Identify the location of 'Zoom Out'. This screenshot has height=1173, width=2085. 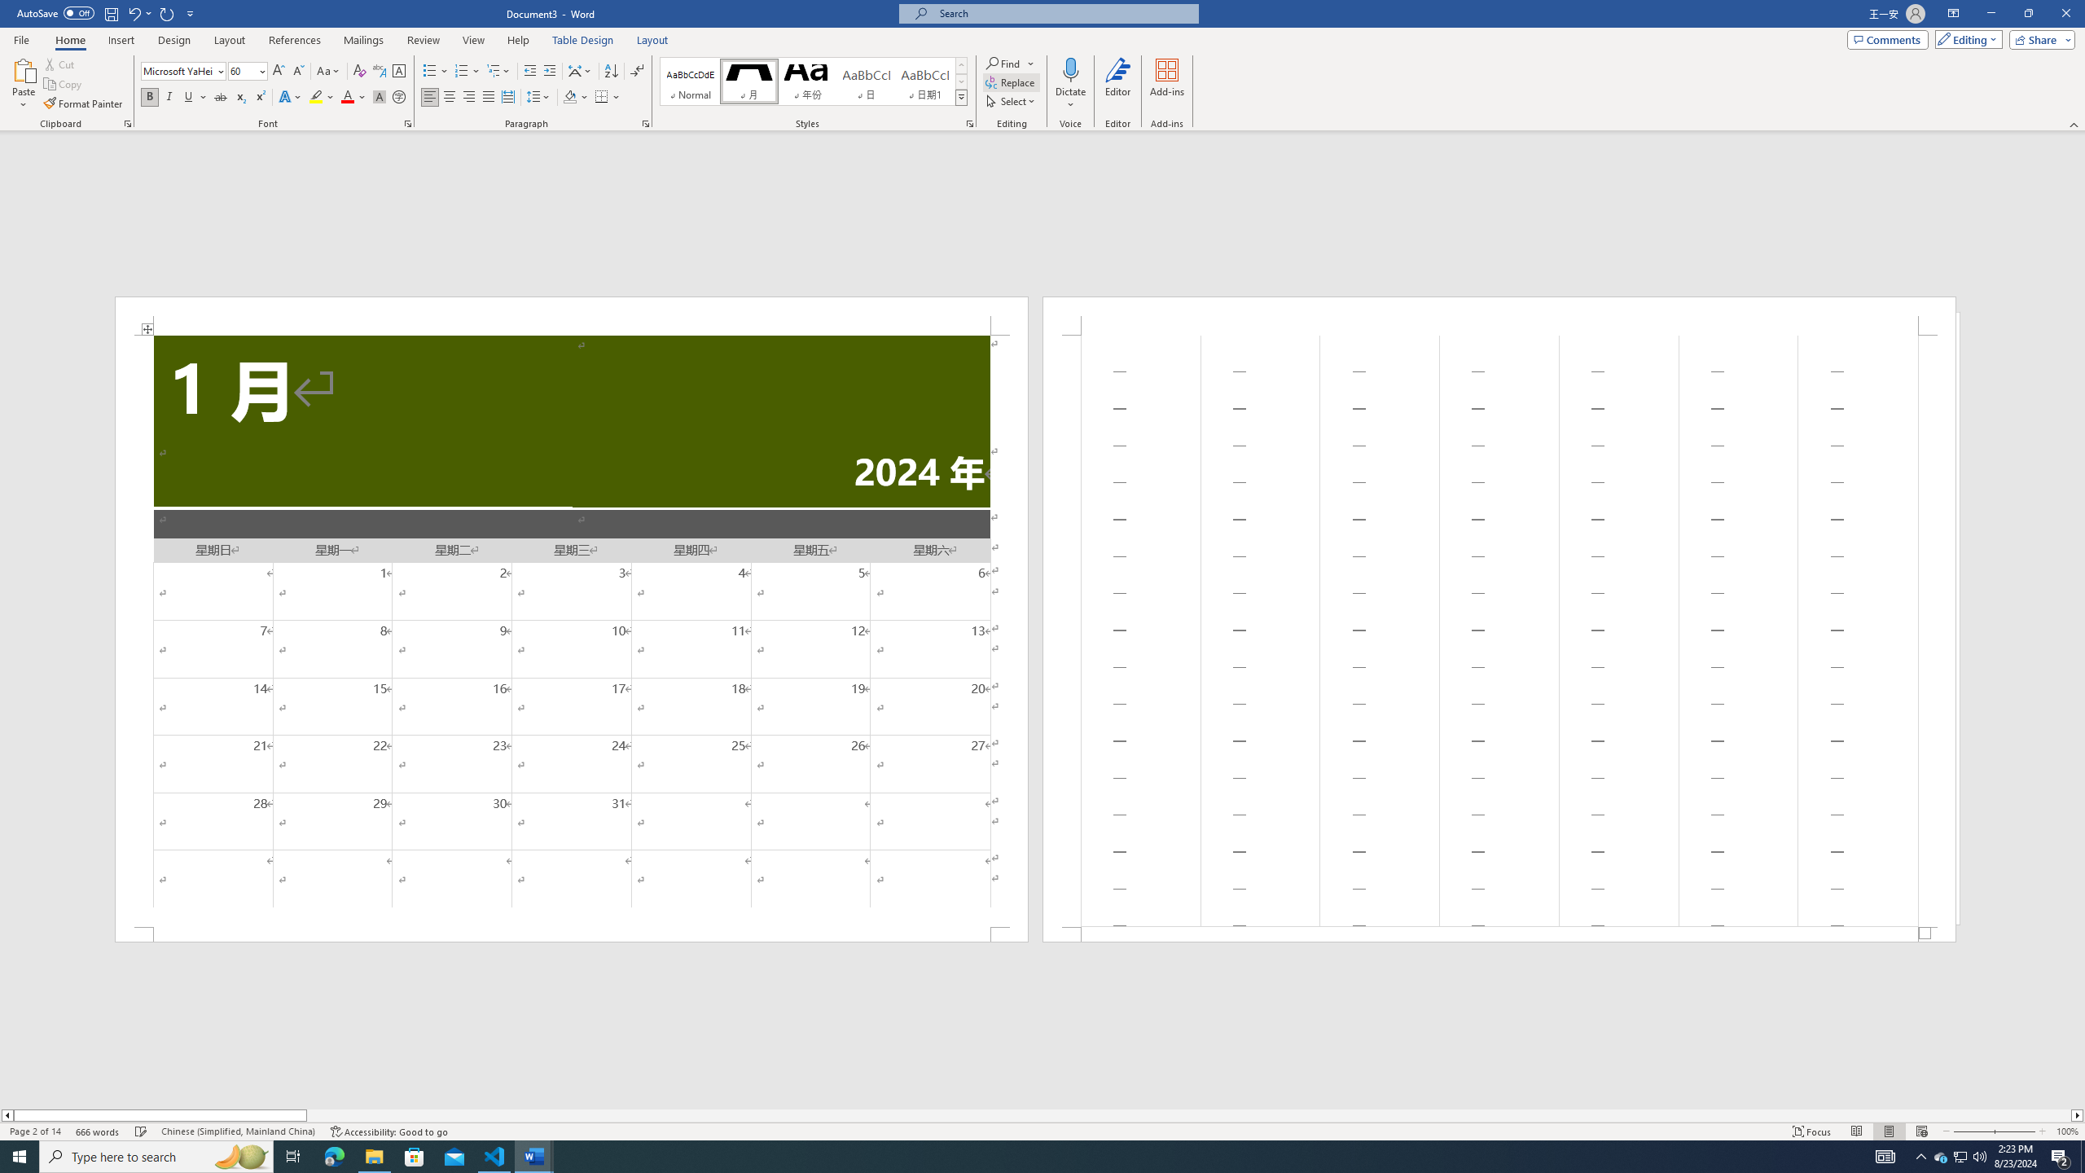
(1973, 1131).